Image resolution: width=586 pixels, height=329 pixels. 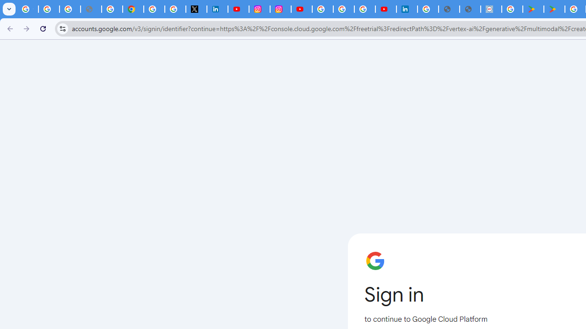 I want to click on 'support.google.com - Network error', so click(x=91, y=9).